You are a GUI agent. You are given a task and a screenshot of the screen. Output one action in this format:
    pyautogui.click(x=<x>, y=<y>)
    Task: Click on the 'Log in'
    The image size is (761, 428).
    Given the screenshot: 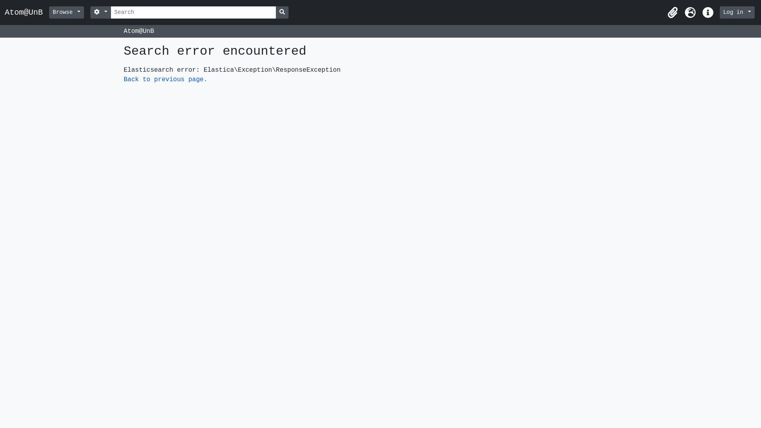 What is the action you would take?
    pyautogui.click(x=737, y=12)
    